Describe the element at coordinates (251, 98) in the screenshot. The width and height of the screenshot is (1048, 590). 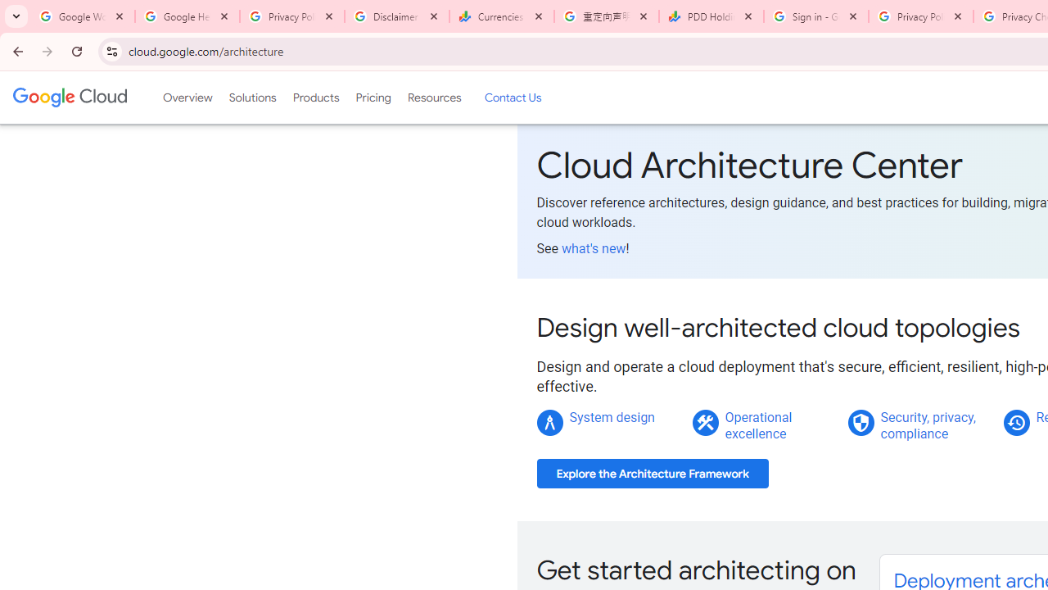
I see `'Solutions'` at that location.